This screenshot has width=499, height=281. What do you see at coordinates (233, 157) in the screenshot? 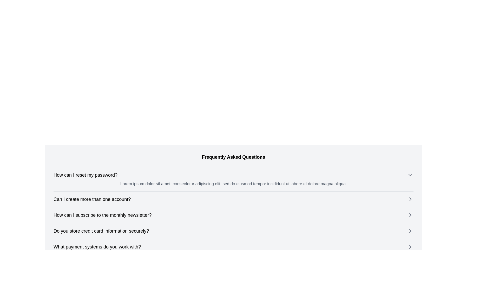
I see `header text 'Frequently Asked Questions' to understand the content of the section, which is a bold, centered header at the top of the questions list` at bounding box center [233, 157].